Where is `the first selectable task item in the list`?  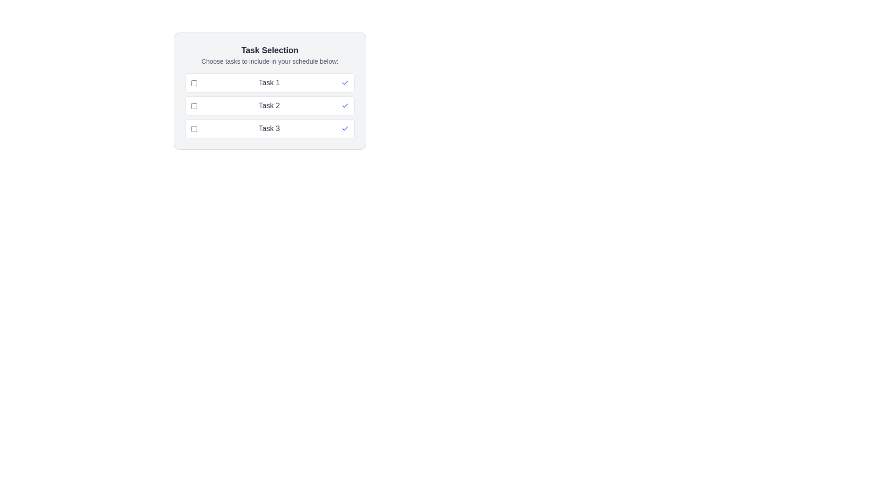 the first selectable task item in the list is located at coordinates (269, 83).